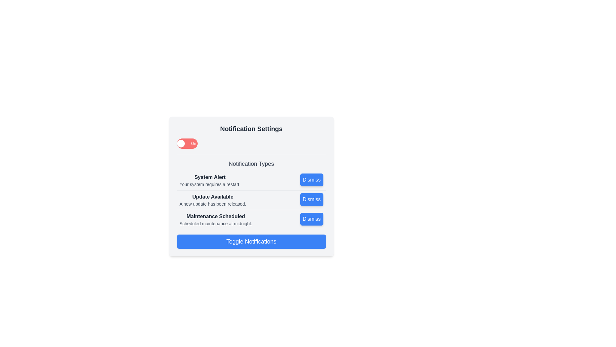 The image size is (616, 347). What do you see at coordinates (216, 217) in the screenshot?
I see `the Text label displaying 'Maintenance Scheduled', which is bold and dark gray, located above the subtext 'Scheduled maintenance at midnight.' and left of the 'Dismiss' button` at bounding box center [216, 217].